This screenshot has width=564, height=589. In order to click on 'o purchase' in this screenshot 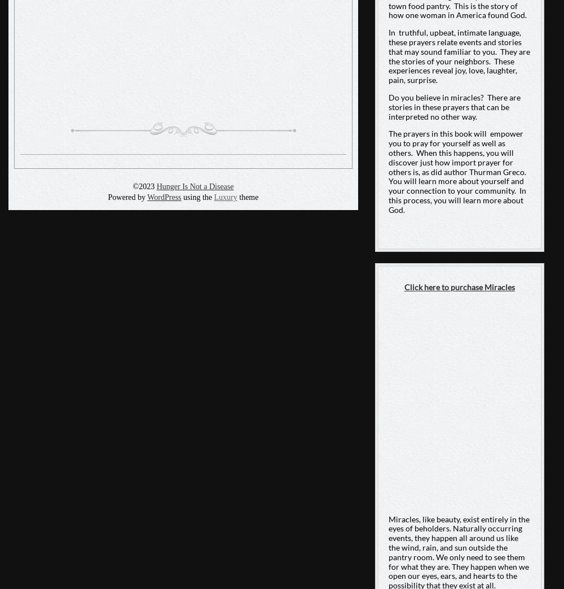, I will do `click(444, 286)`.